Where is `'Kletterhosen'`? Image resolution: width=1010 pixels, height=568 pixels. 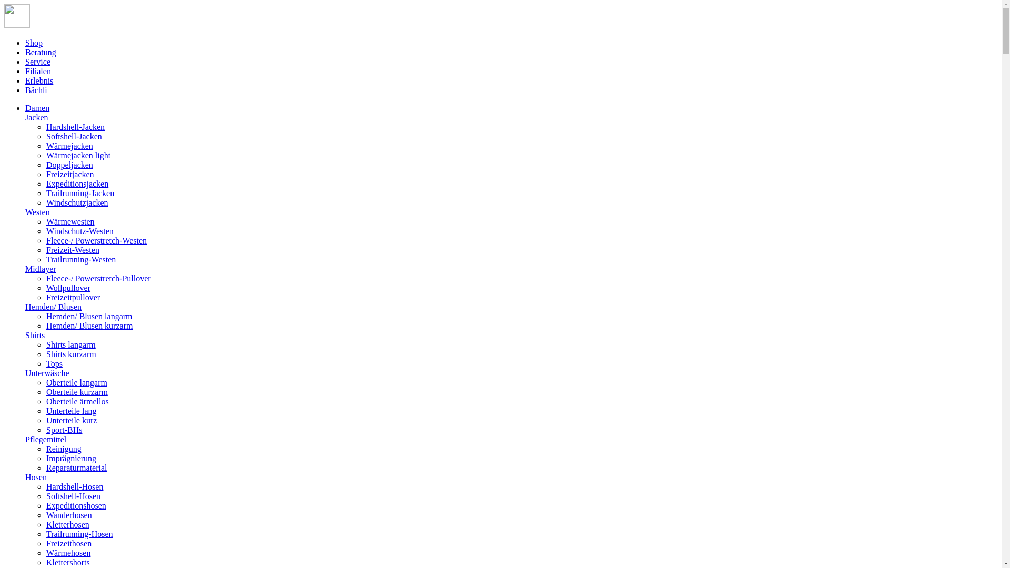
'Kletterhosen' is located at coordinates (67, 524).